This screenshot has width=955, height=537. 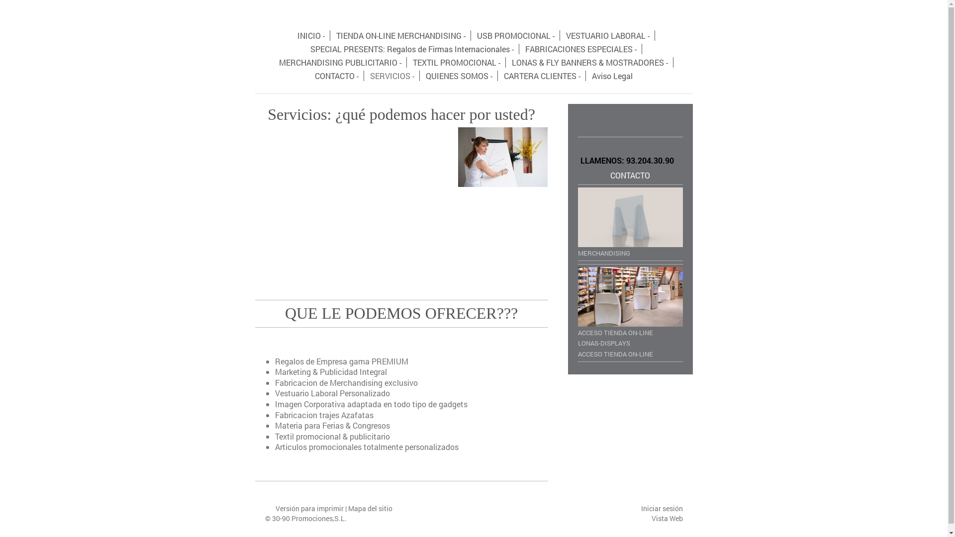 I want to click on 'INICIO -', so click(x=310, y=35).